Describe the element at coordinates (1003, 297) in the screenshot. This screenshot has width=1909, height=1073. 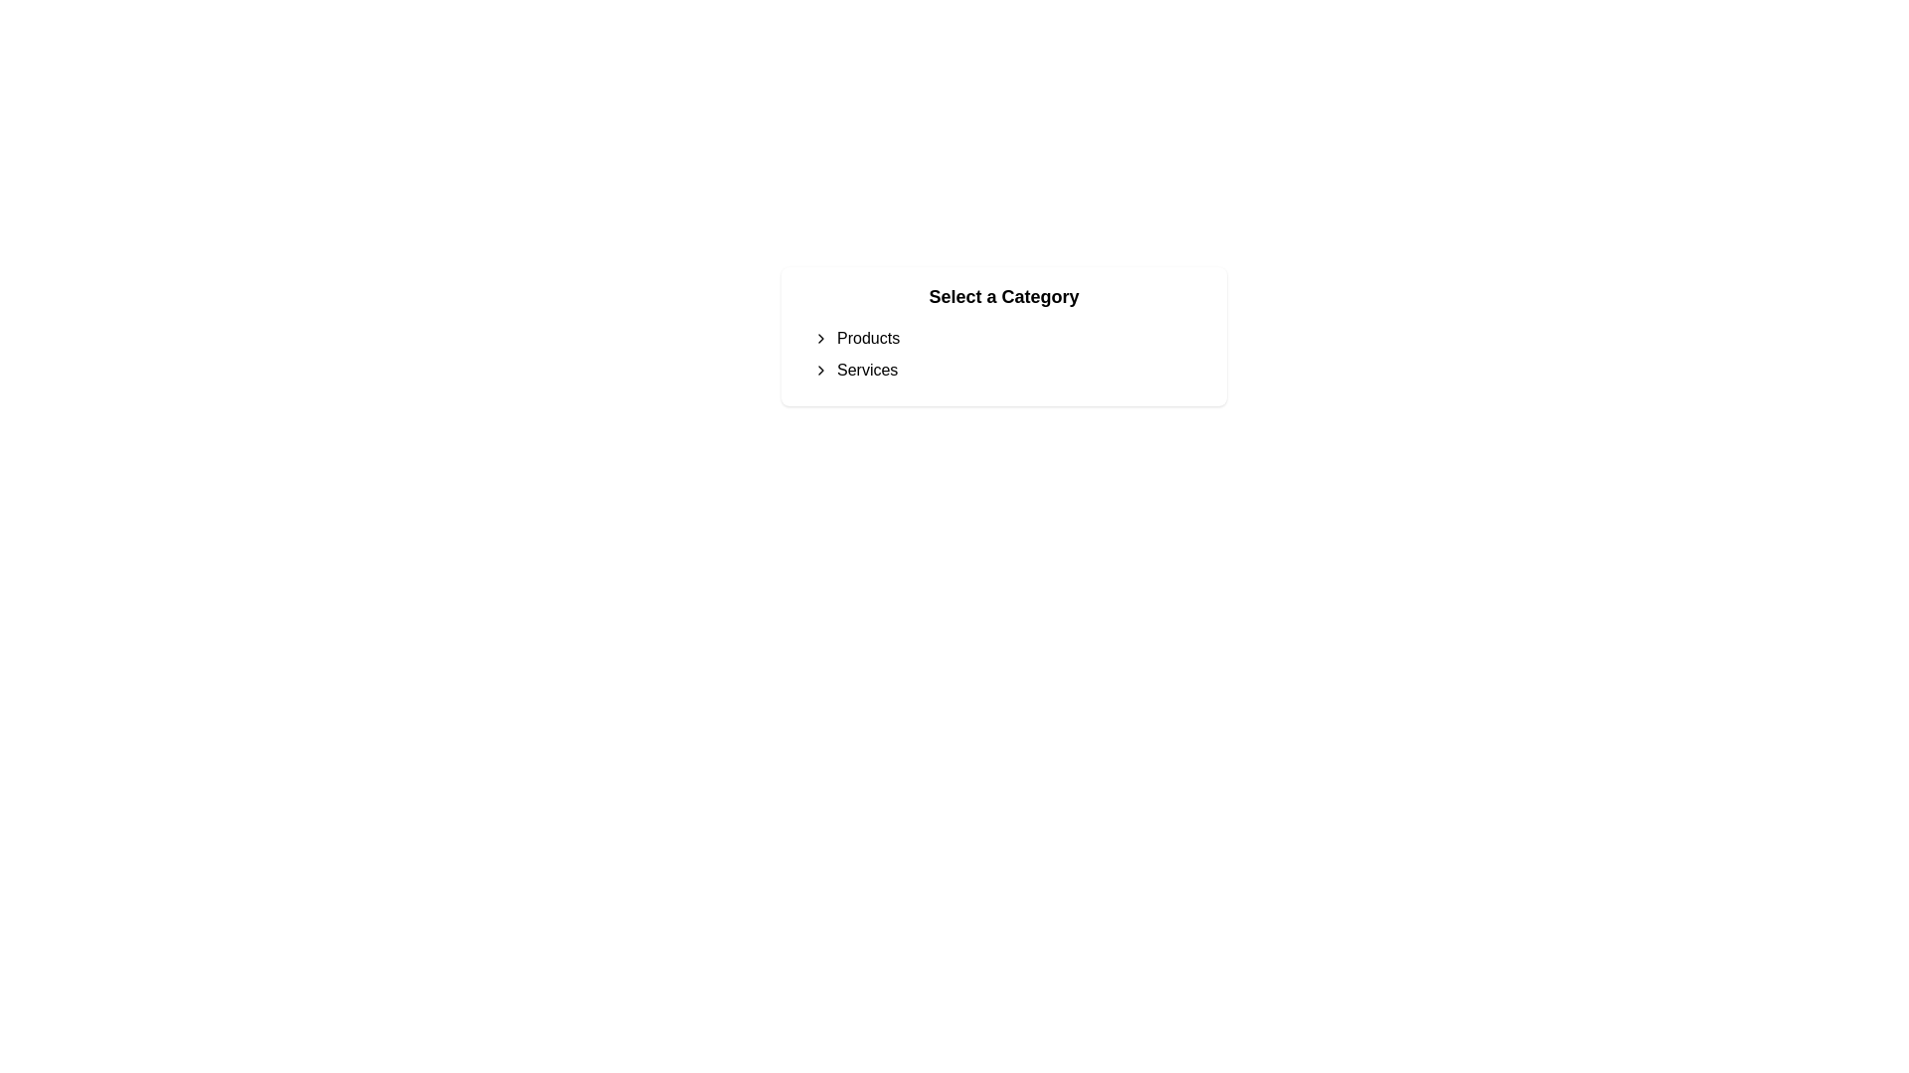
I see `the 'Select a Category' heading text label element that serves as a heading for the options below it` at that location.